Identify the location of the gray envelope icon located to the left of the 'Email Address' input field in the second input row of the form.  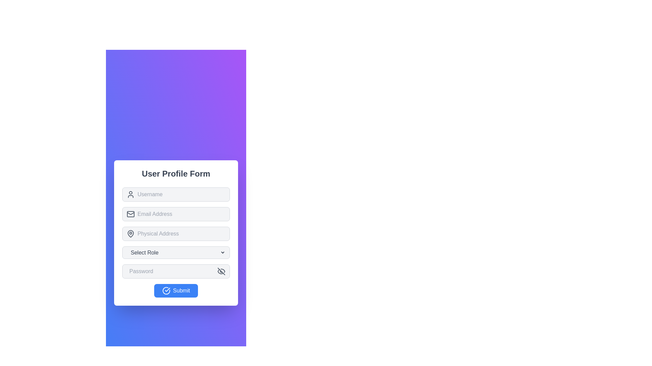
(130, 214).